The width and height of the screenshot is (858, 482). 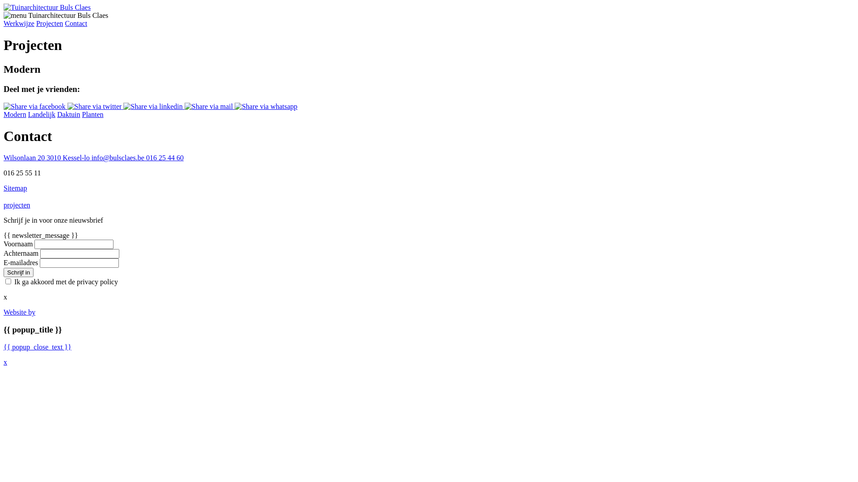 I want to click on 'x', so click(x=5, y=362).